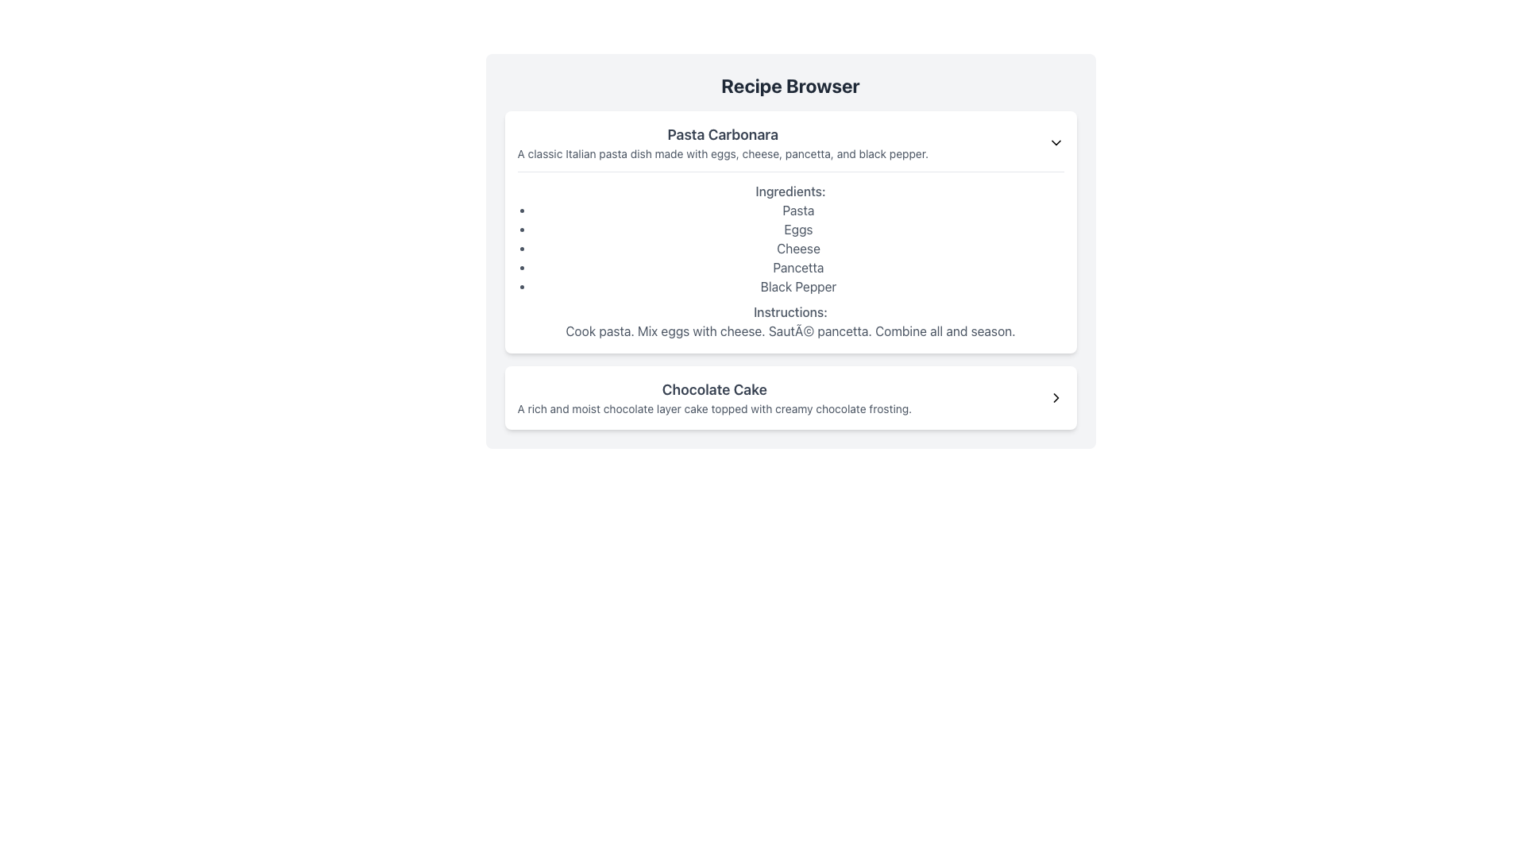  I want to click on the text label that indicates the instructions related to the recipe, positioned horizontally centered in the 'Ingredients and Instructions' section, so click(790, 312).